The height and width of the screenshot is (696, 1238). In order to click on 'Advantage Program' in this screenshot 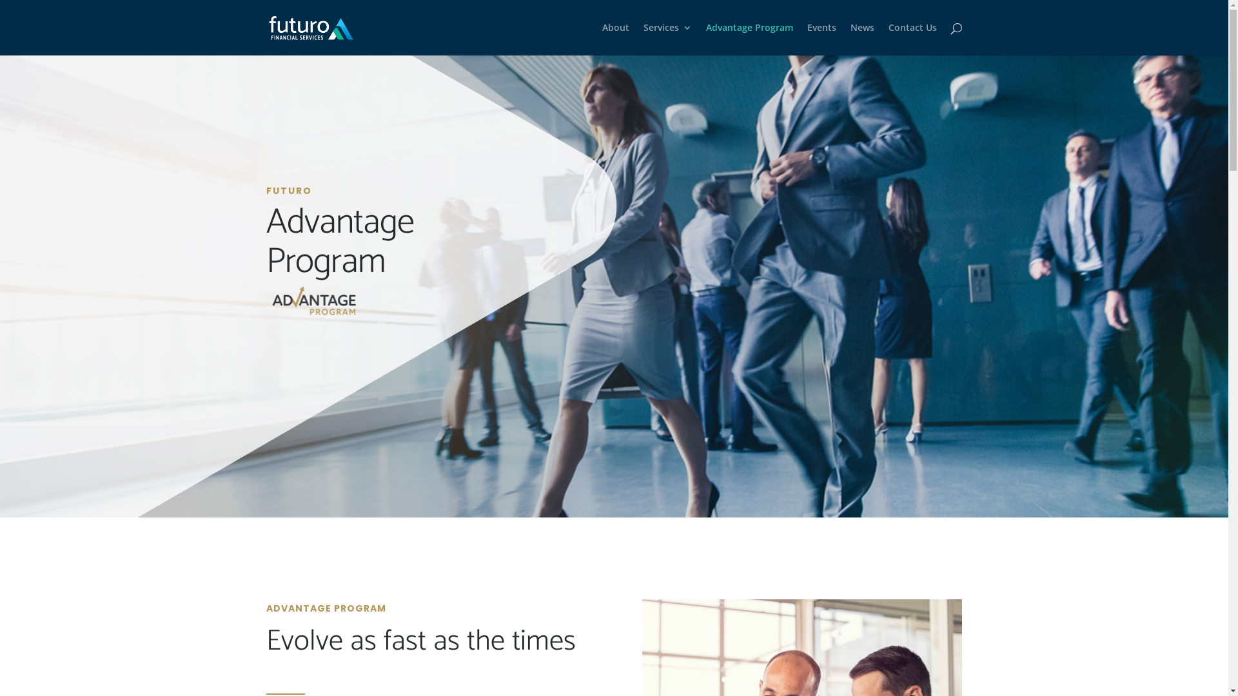, I will do `click(749, 39)`.